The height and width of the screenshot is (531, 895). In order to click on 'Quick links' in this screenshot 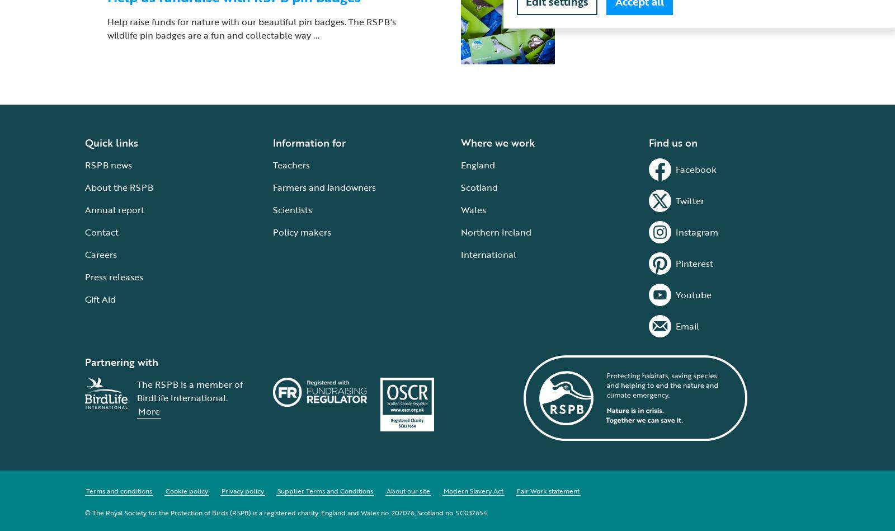, I will do `click(111, 142)`.